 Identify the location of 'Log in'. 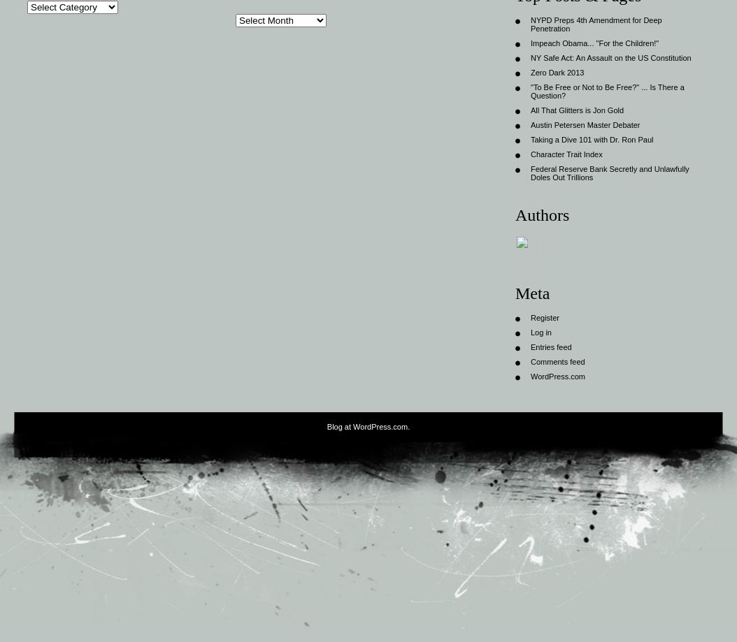
(530, 331).